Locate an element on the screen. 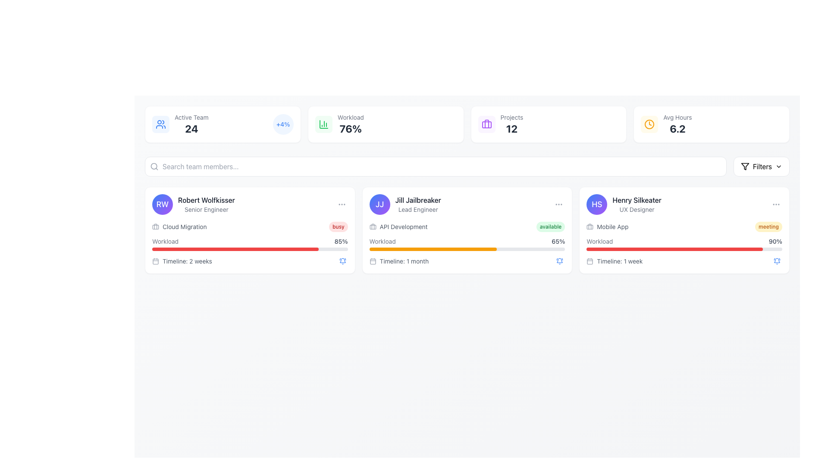 The height and width of the screenshot is (465, 828). the informational card displaying the average hours metric, which is the fourth card in a row of metrics at the top-right corner of the interface is located at coordinates (712, 124).